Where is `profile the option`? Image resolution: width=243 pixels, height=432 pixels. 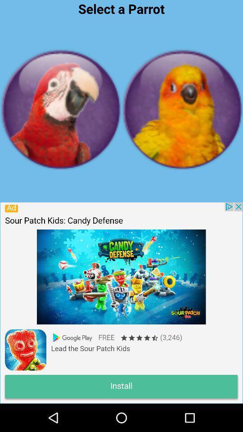 profile the option is located at coordinates (61, 109).